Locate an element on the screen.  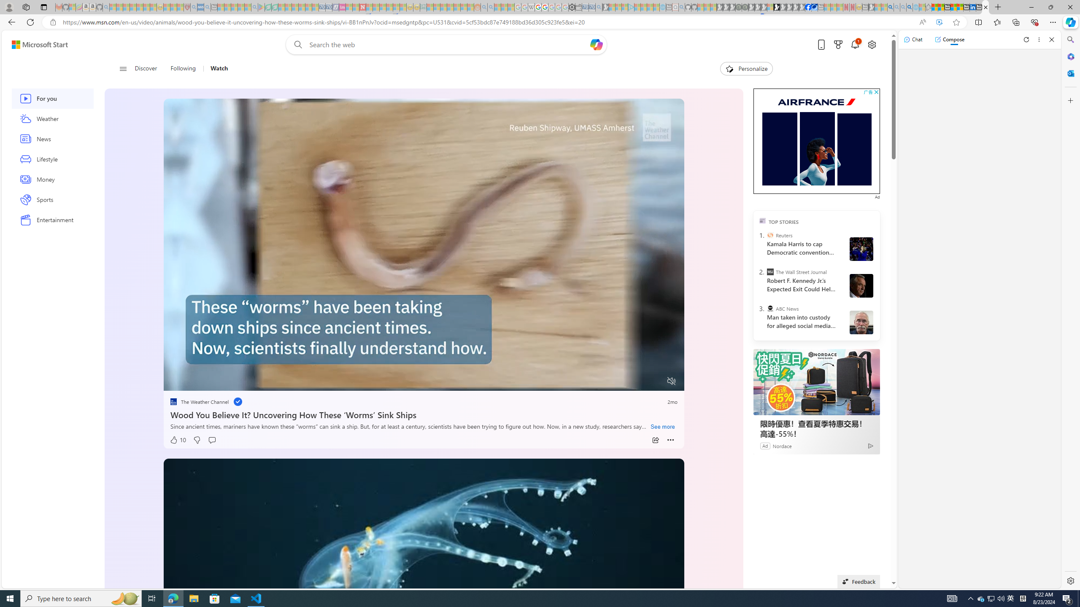
'Latest Politics News & Archive | Newsweek.com - Sleeping' is located at coordinates (362, 7).